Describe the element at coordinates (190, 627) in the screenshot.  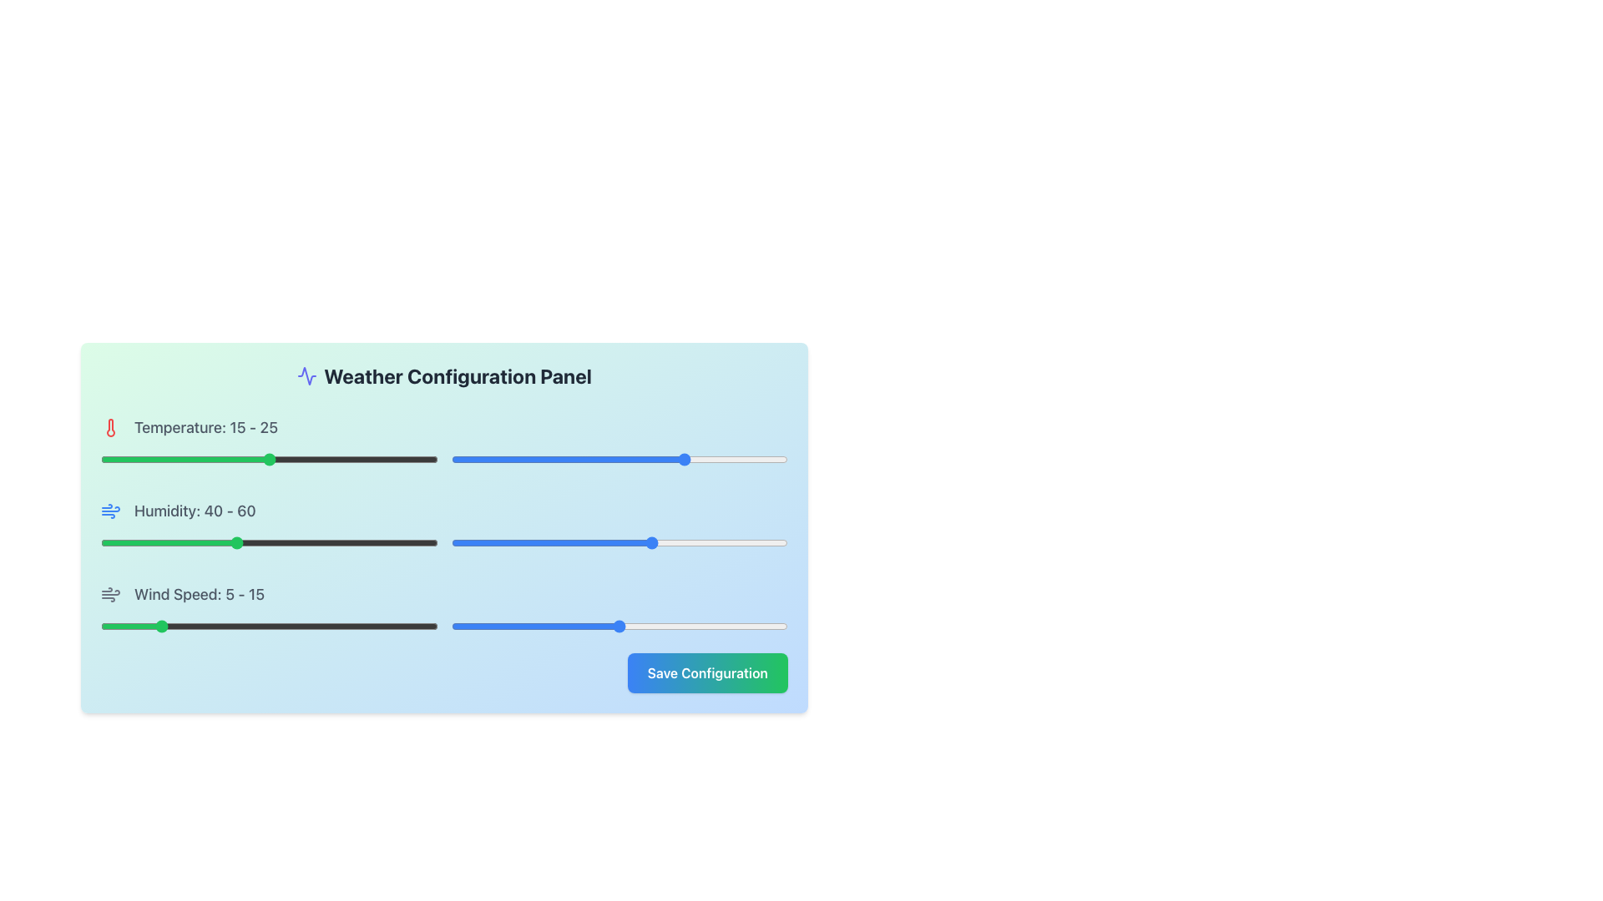
I see `the start value of the wind speed range` at that location.